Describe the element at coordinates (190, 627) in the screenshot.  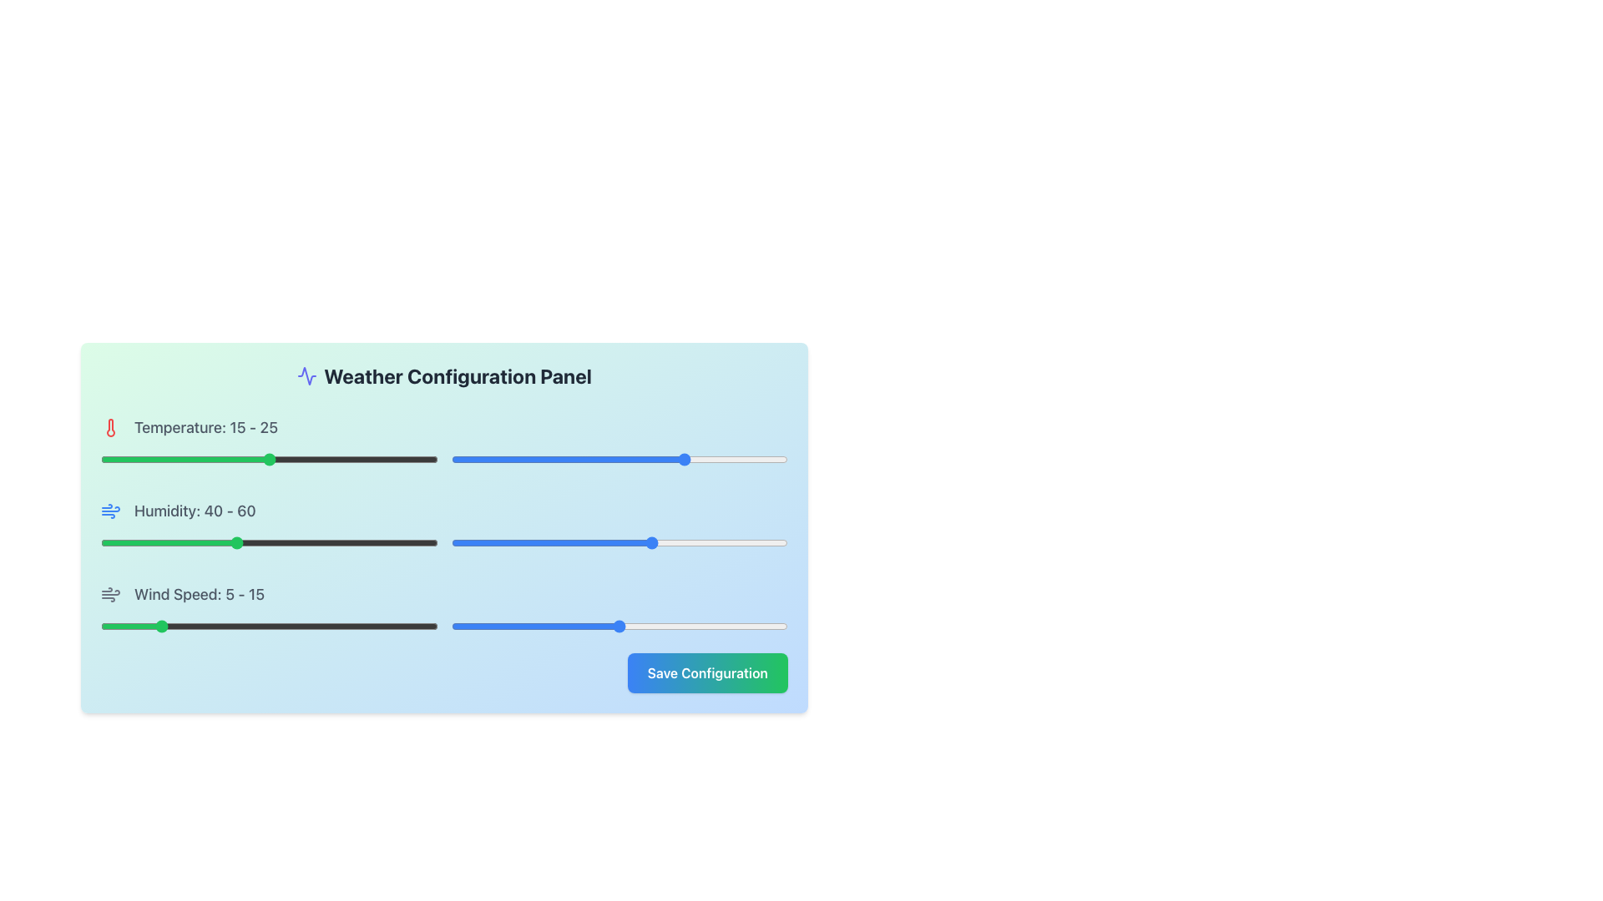
I see `the start value of the wind speed range` at that location.